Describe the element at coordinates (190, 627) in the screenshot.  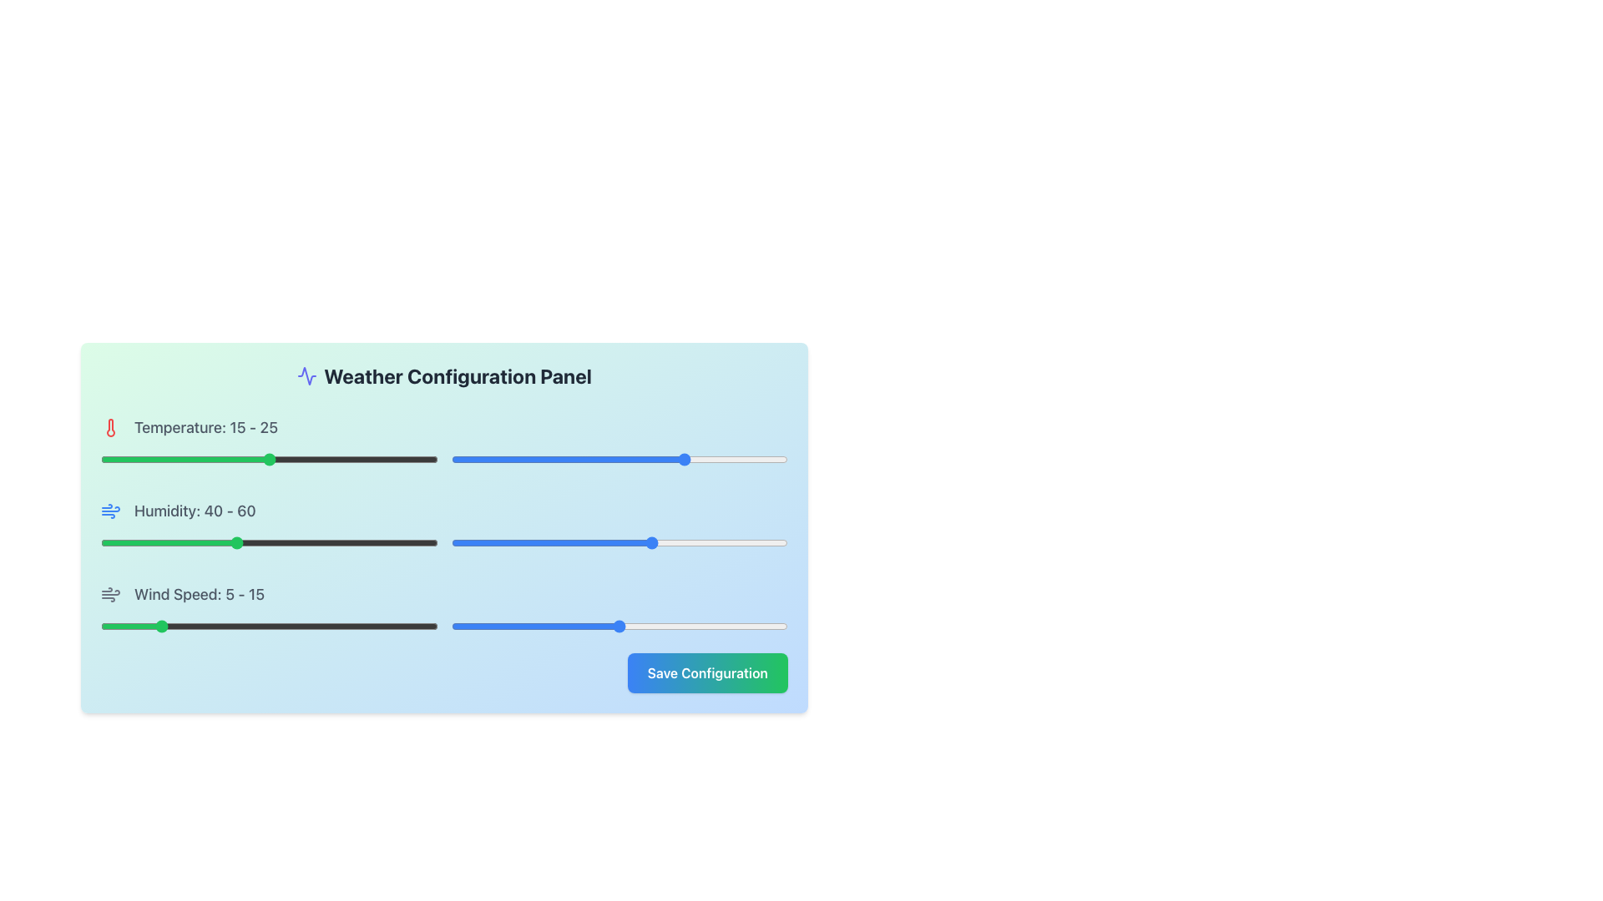
I see `the start value of the wind speed range` at that location.